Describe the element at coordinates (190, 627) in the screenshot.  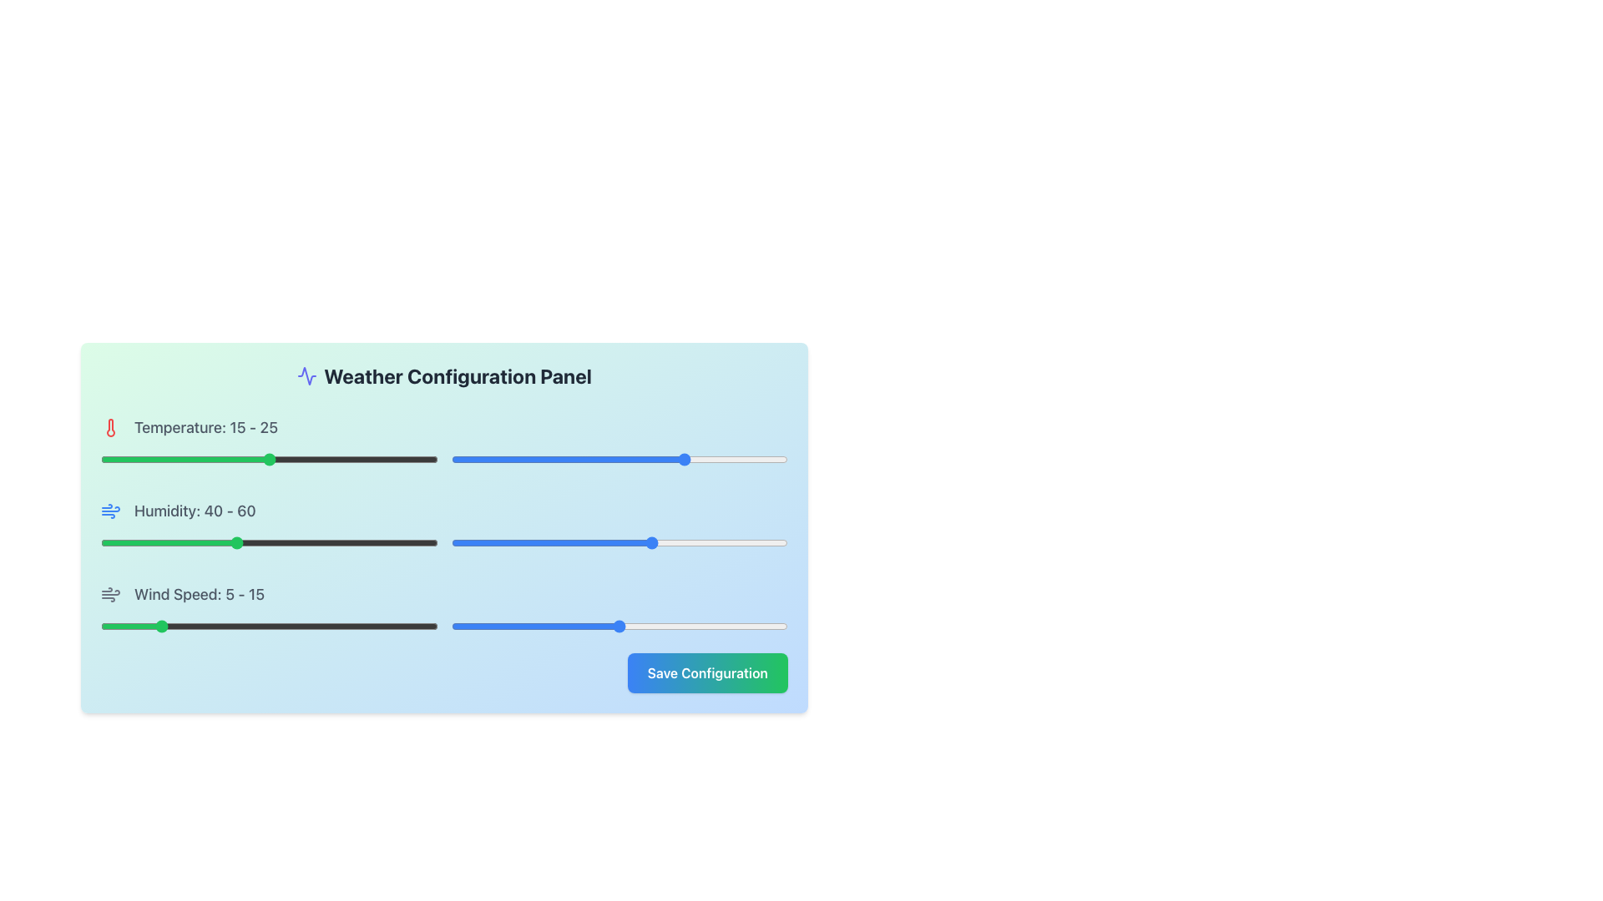
I see `the start value of the wind speed range` at that location.